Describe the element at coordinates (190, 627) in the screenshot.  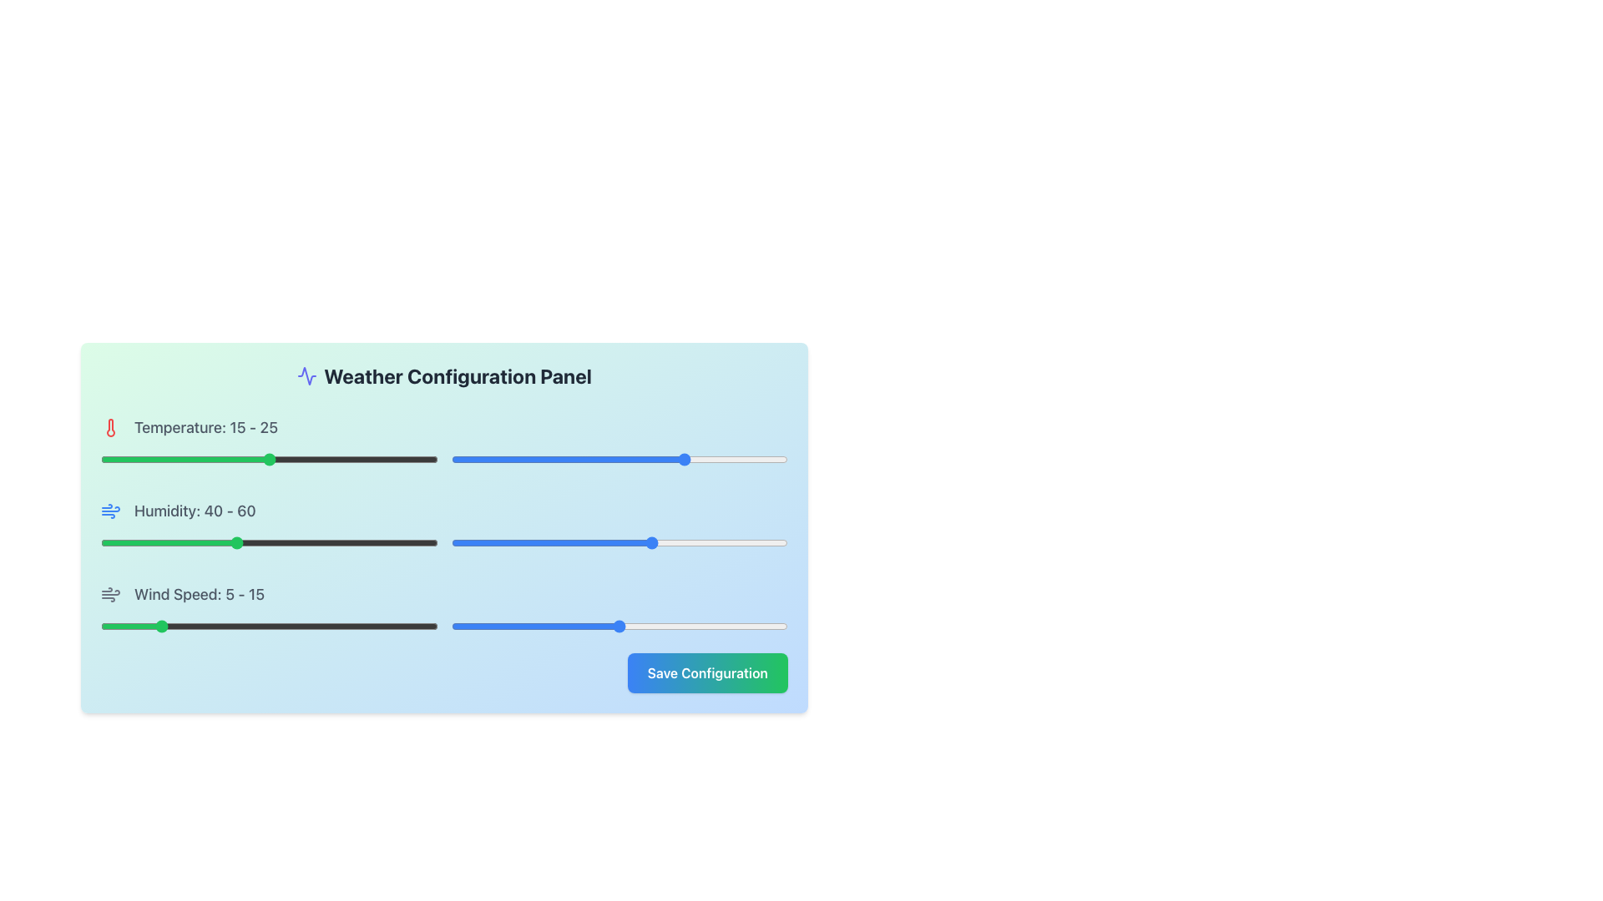
I see `the start value of the wind speed range` at that location.